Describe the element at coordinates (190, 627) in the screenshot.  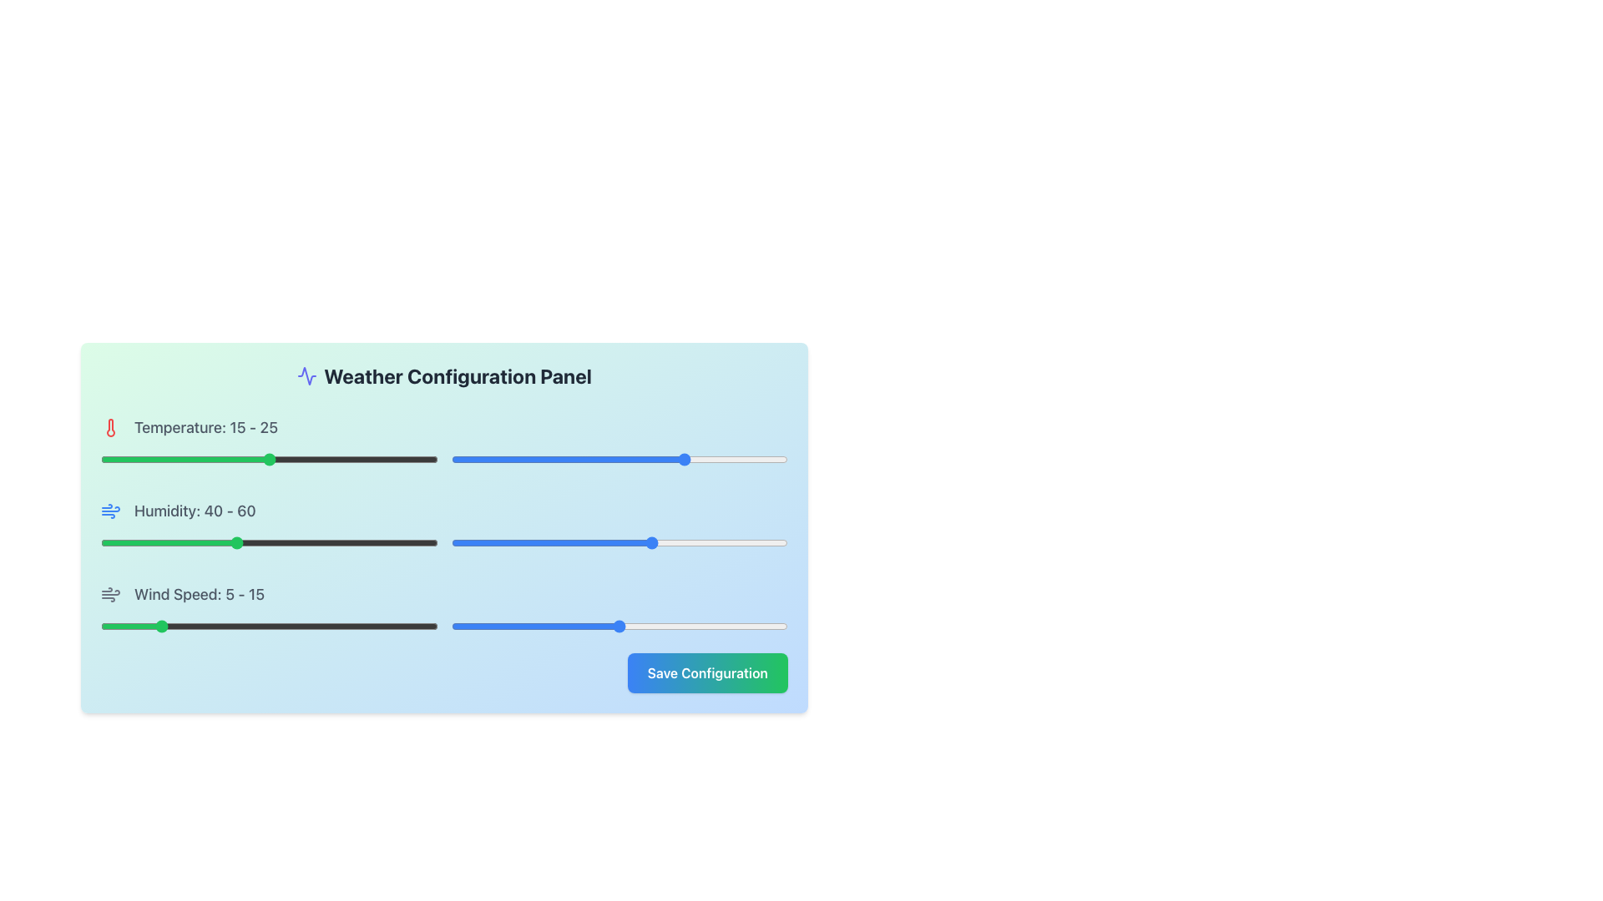
I see `the start value of the wind speed range` at that location.